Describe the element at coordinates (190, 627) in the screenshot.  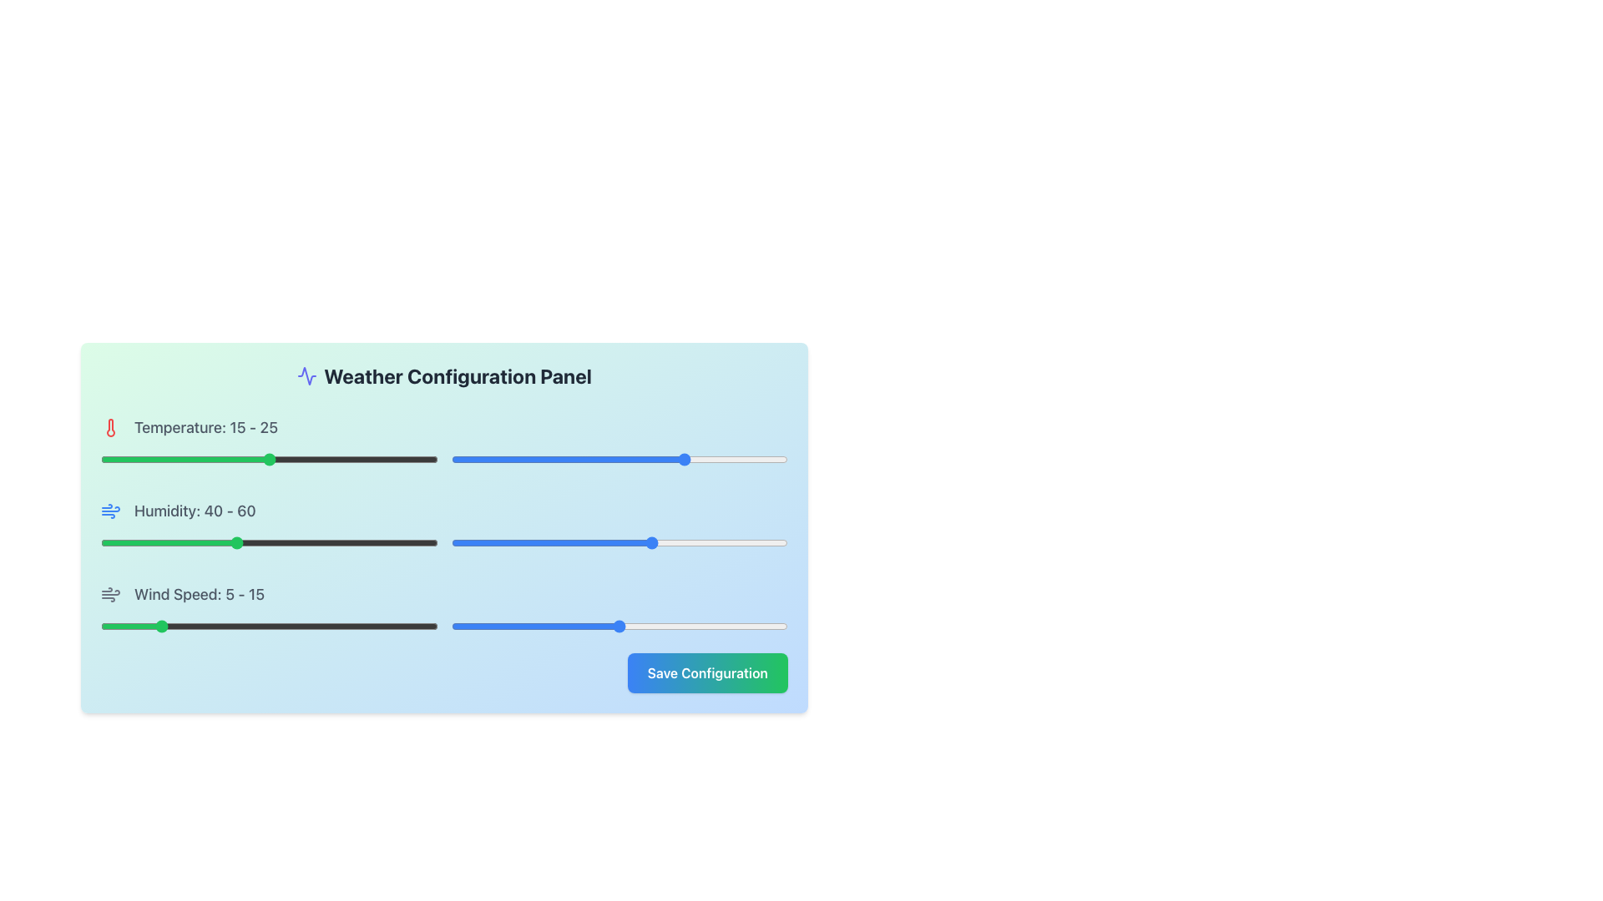
I see `the start value of the wind speed range` at that location.